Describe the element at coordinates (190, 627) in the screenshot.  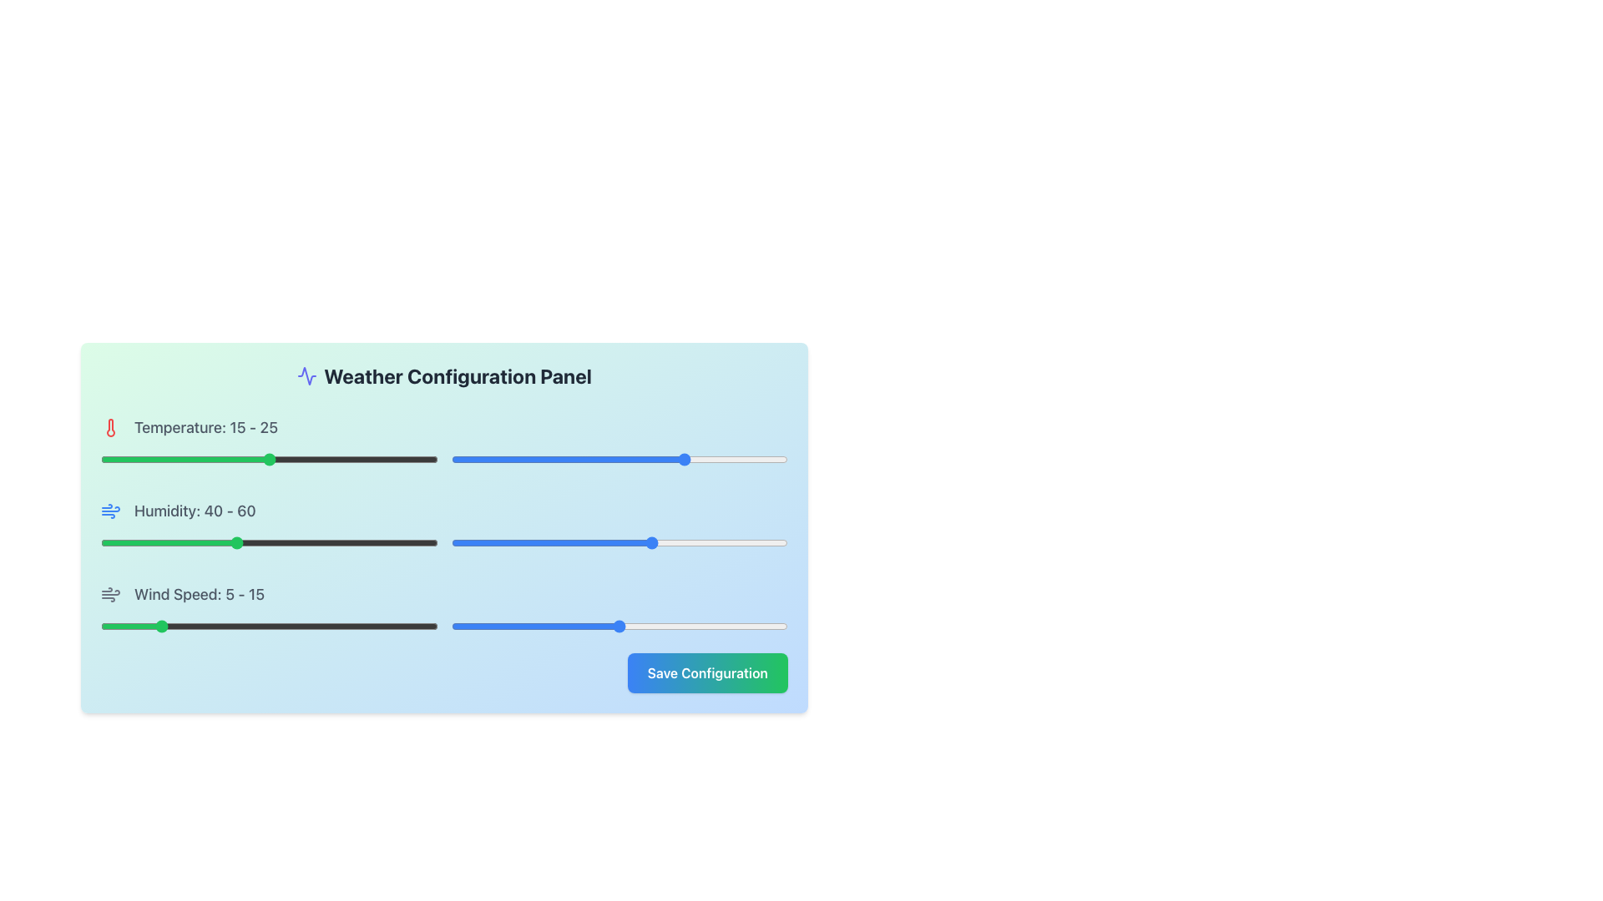
I see `the start value of the wind speed range` at that location.